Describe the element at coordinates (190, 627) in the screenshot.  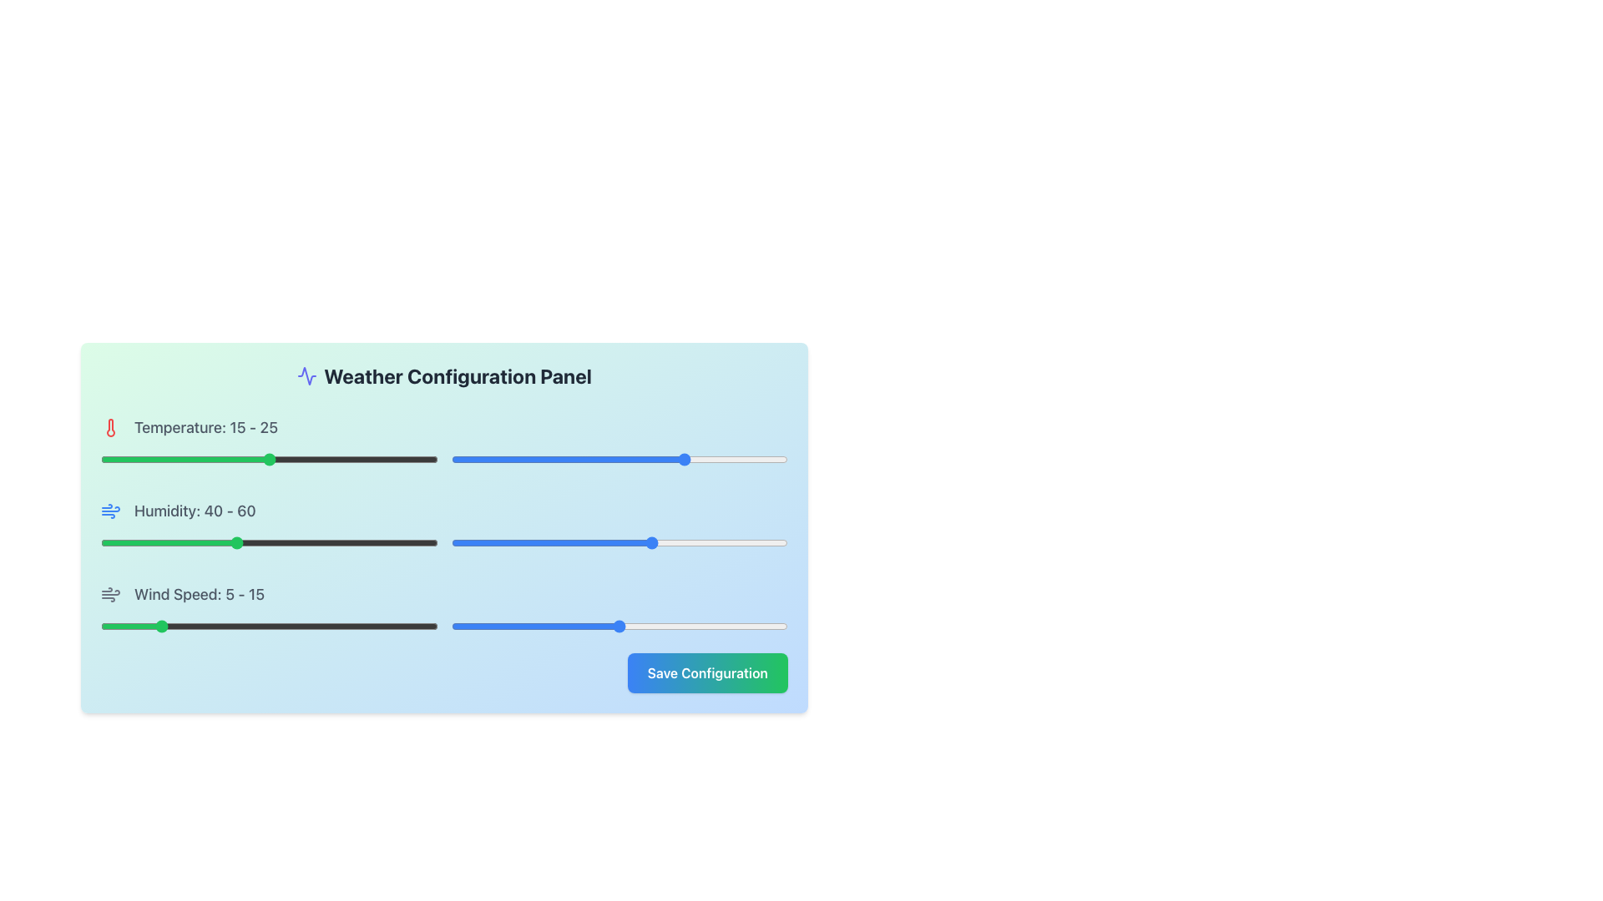
I see `the start value of the wind speed range` at that location.